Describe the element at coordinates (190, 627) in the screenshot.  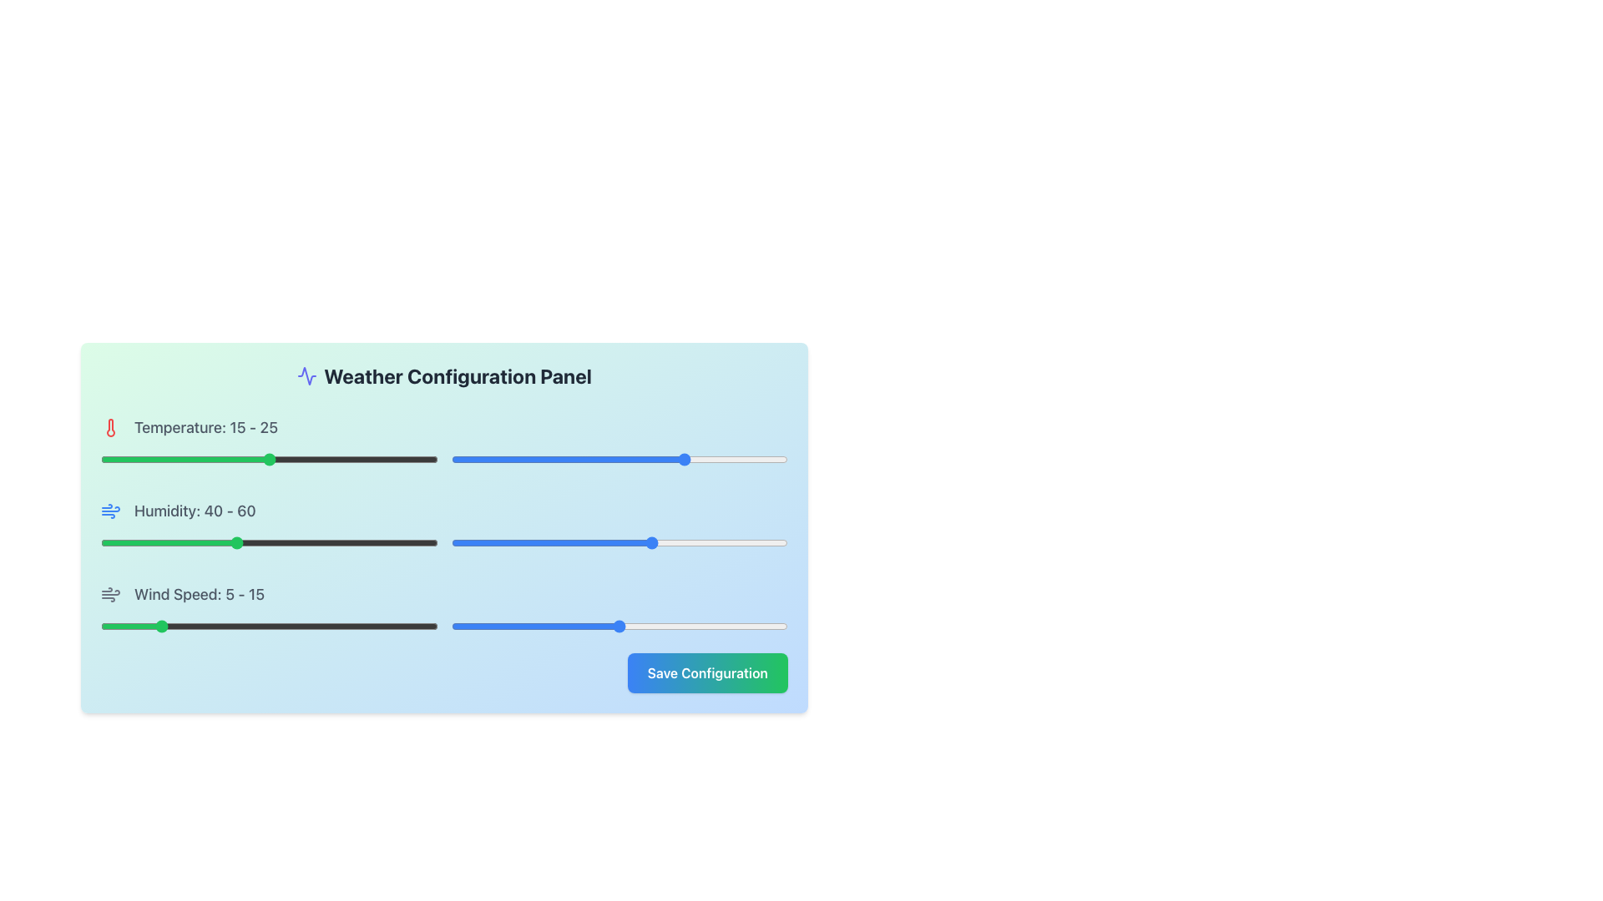
I see `the start value of the wind speed range` at that location.